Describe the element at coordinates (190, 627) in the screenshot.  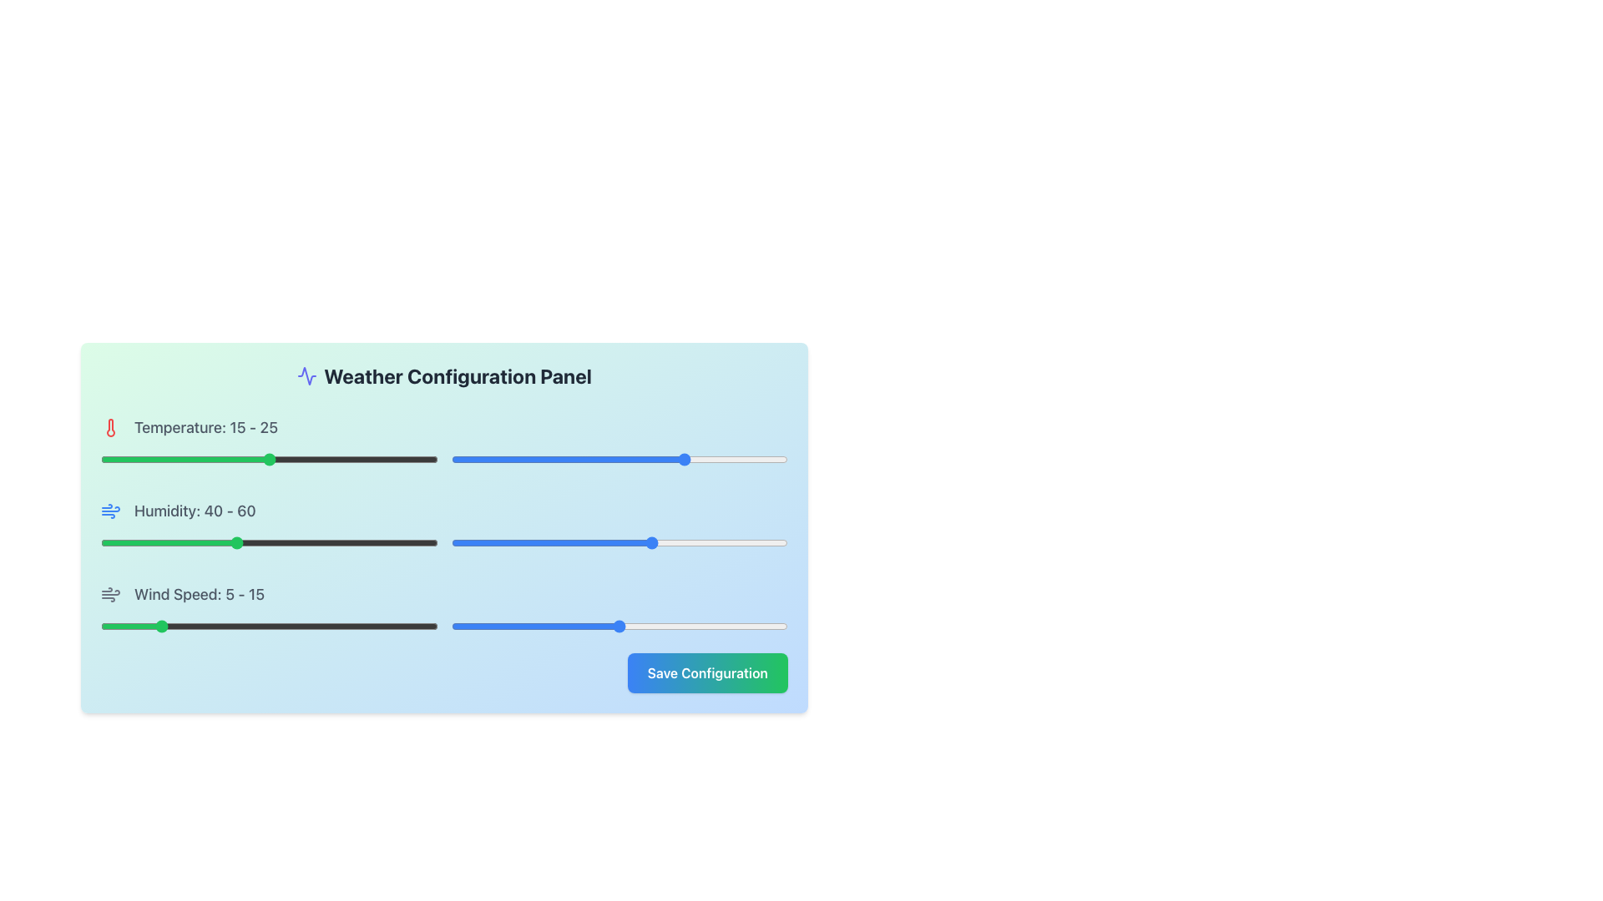
I see `the start value of the wind speed range` at that location.